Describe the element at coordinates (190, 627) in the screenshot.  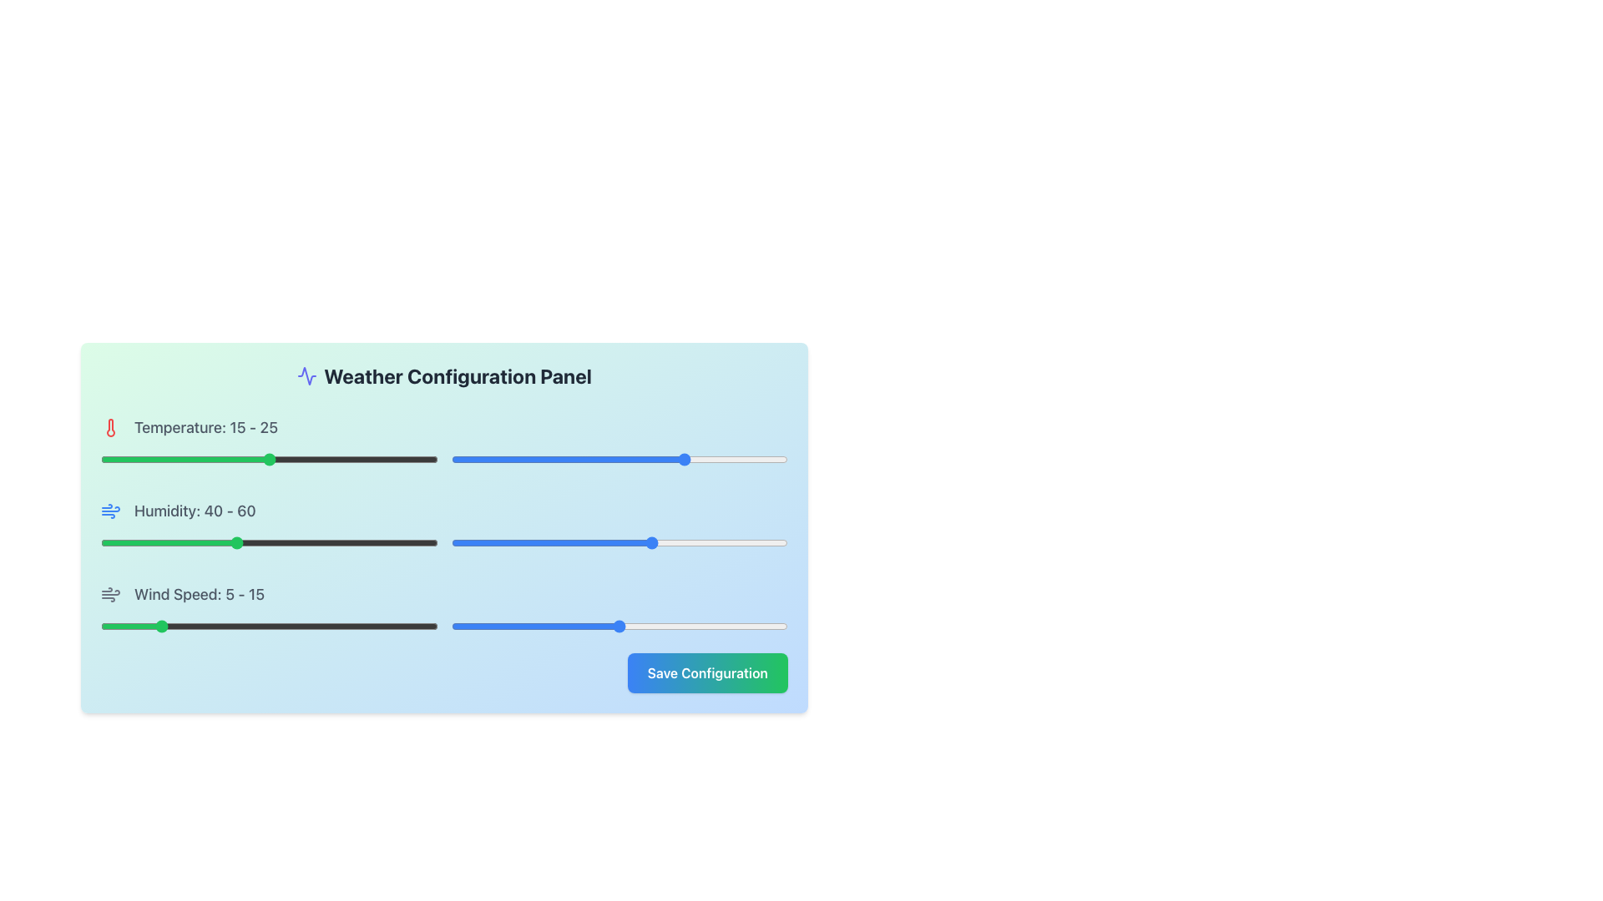
I see `the start value of the wind speed range` at that location.